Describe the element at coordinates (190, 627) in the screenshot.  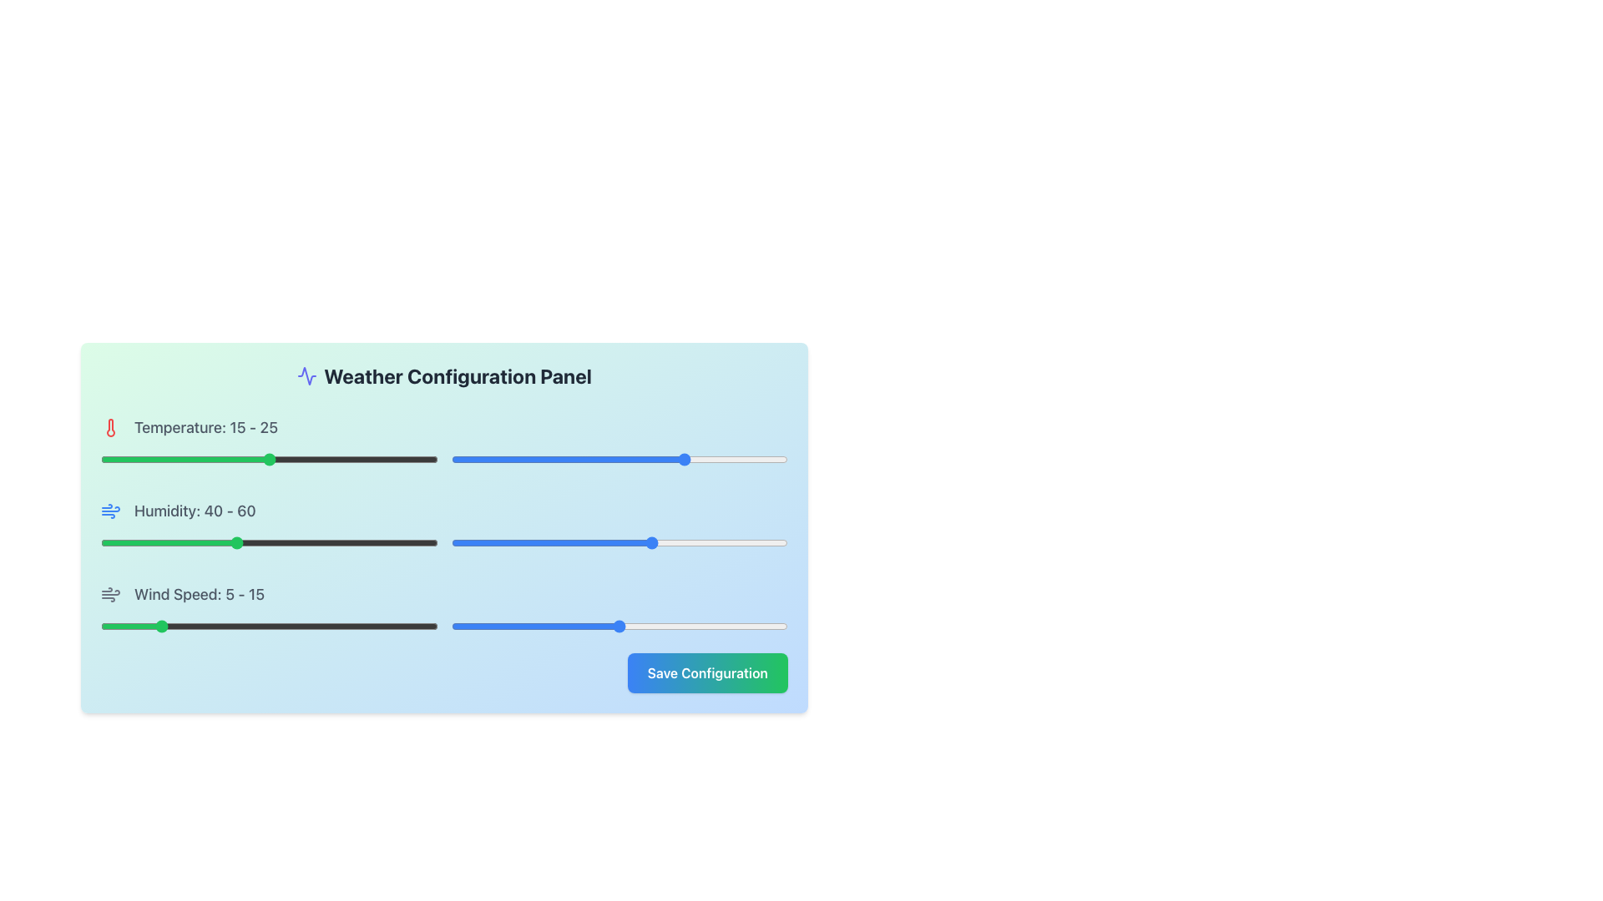
I see `the start value of the wind speed range` at that location.